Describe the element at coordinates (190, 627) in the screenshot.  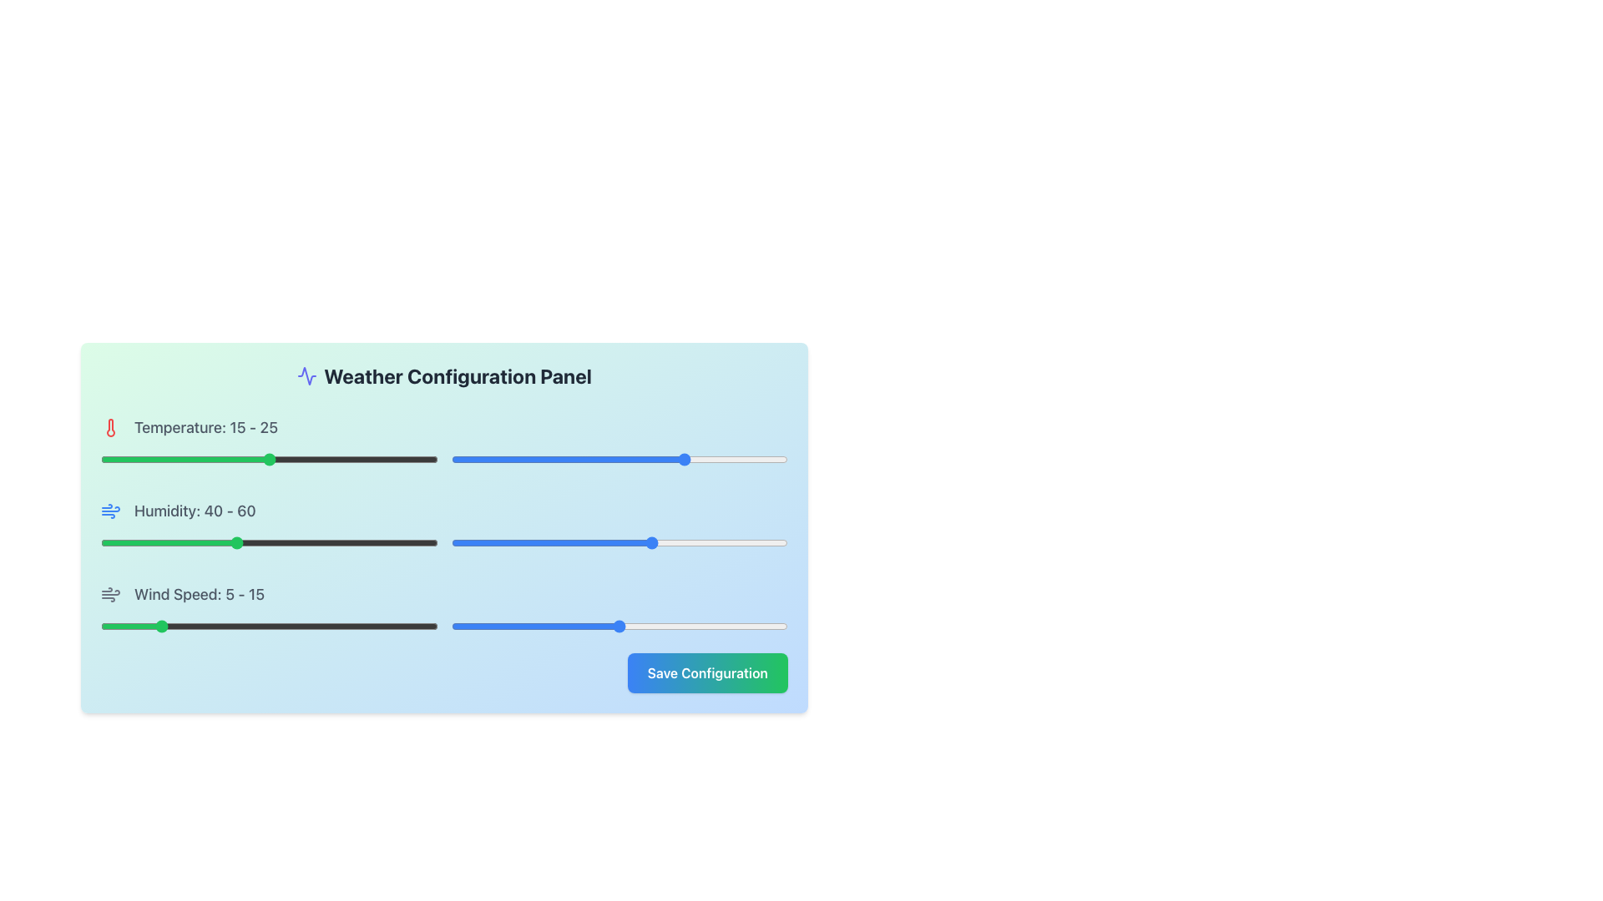
I see `the start value of the wind speed range` at that location.